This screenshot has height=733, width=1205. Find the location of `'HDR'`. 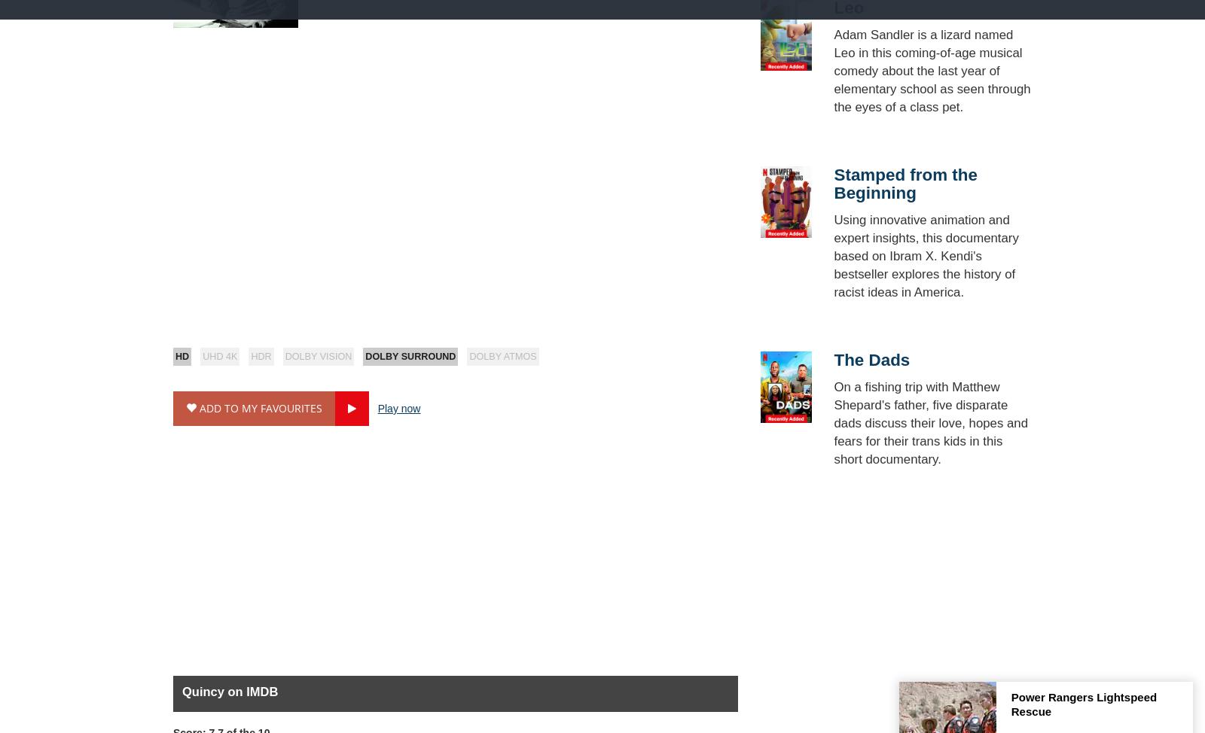

'HDR' is located at coordinates (250, 356).